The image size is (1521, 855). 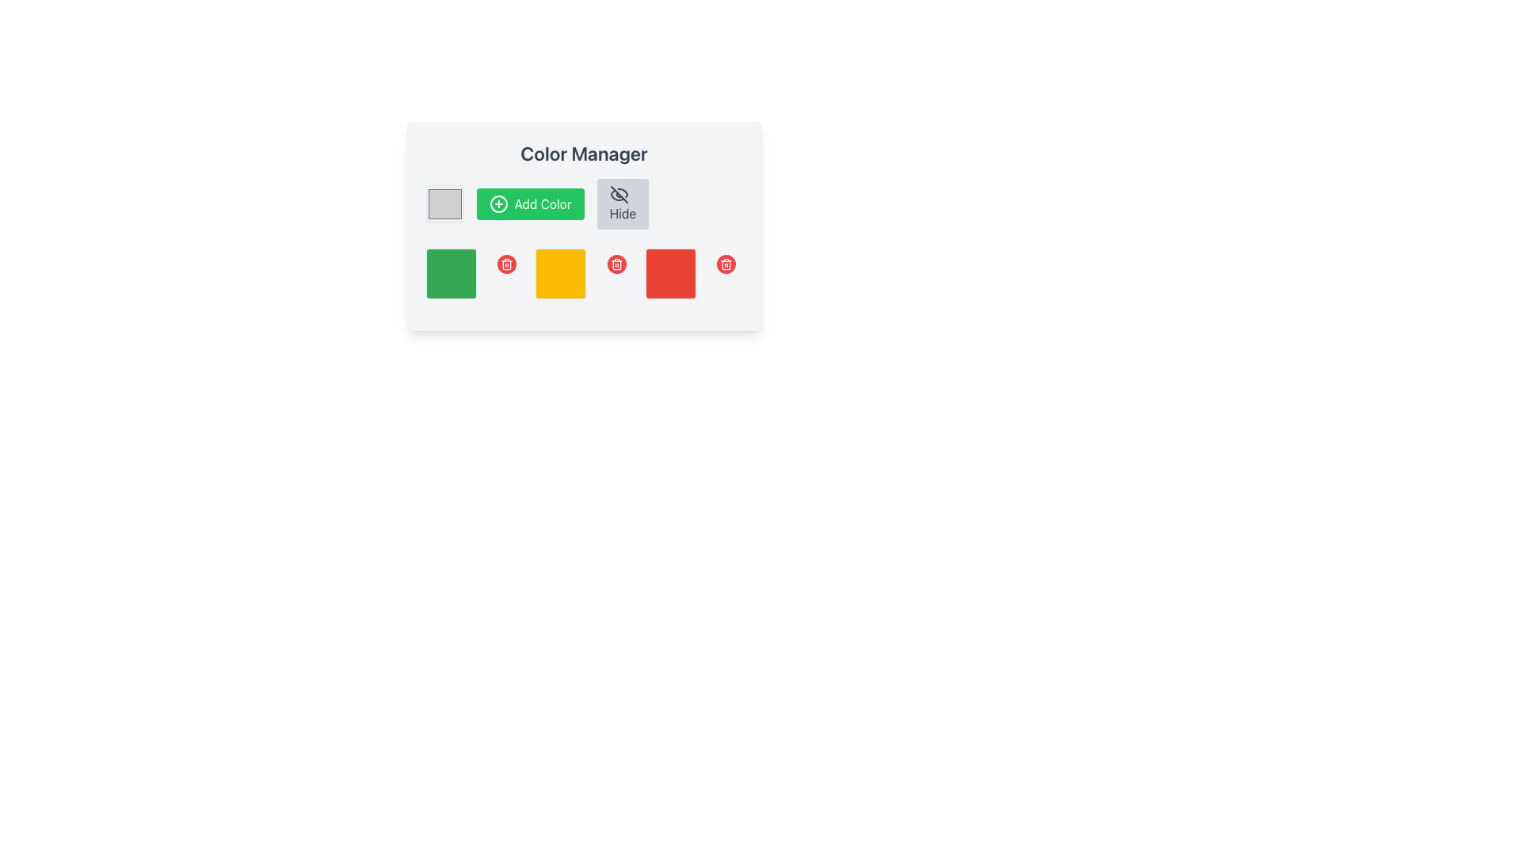 I want to click on the eye-off icon located within the 'Hide' button, styled in gray with a line crossing through it, indicating the 'hidden' concept, so click(x=618, y=194).